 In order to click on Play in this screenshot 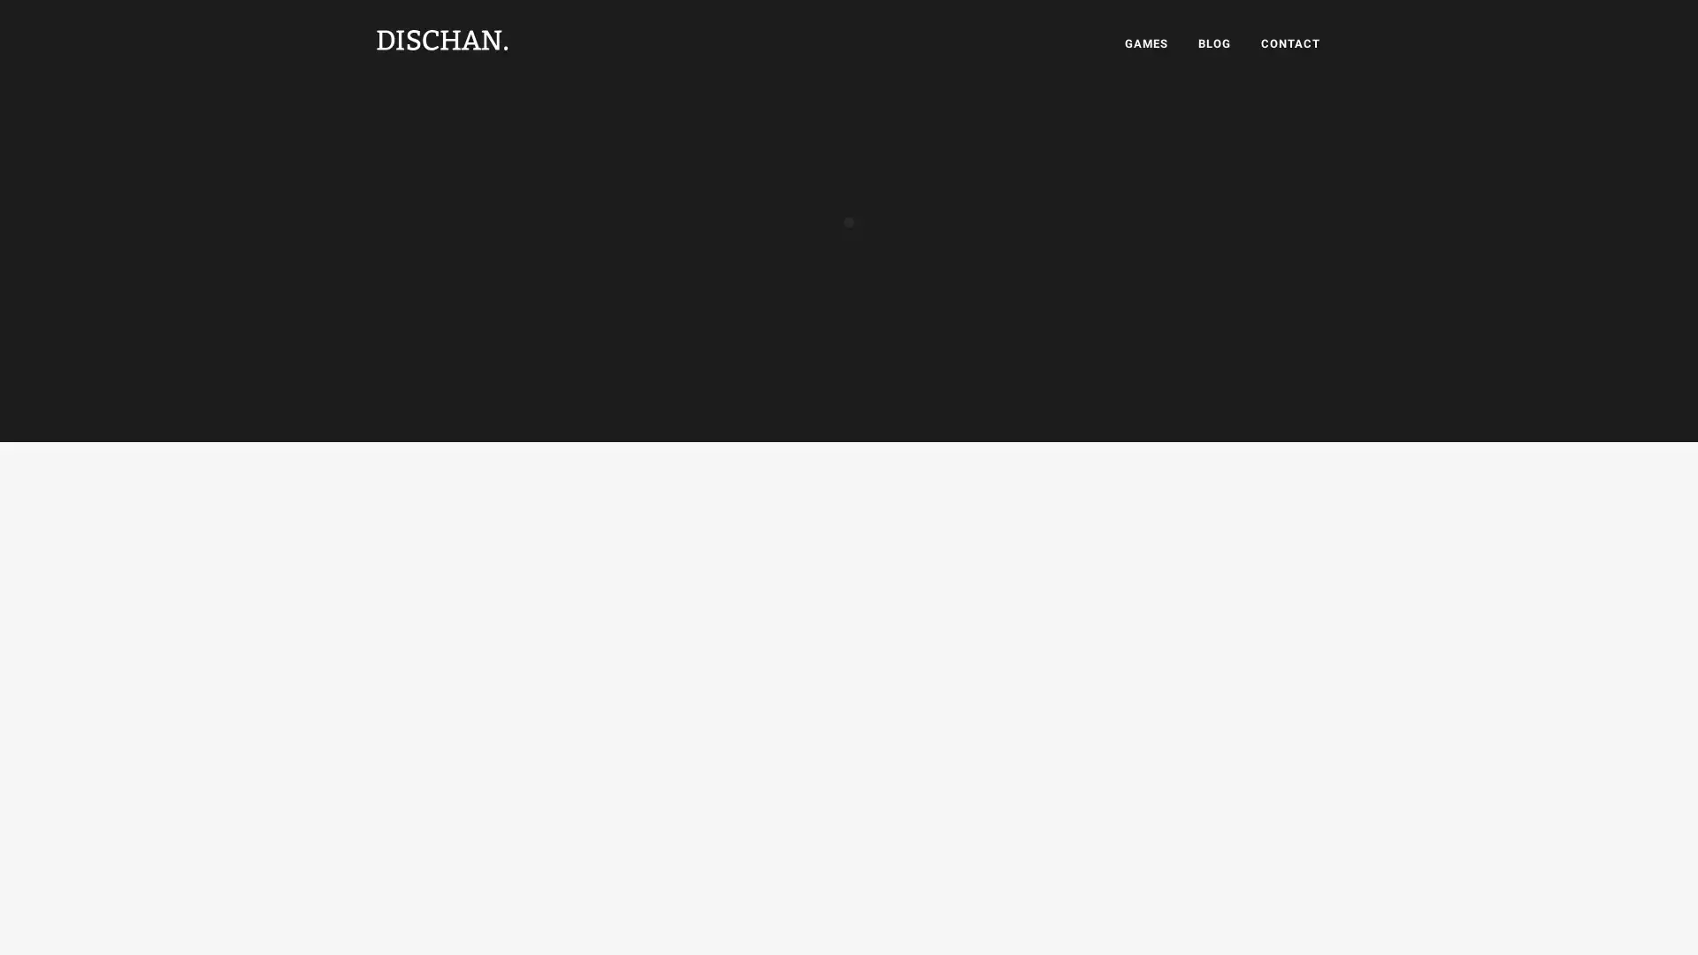, I will do `click(1120, 152)`.